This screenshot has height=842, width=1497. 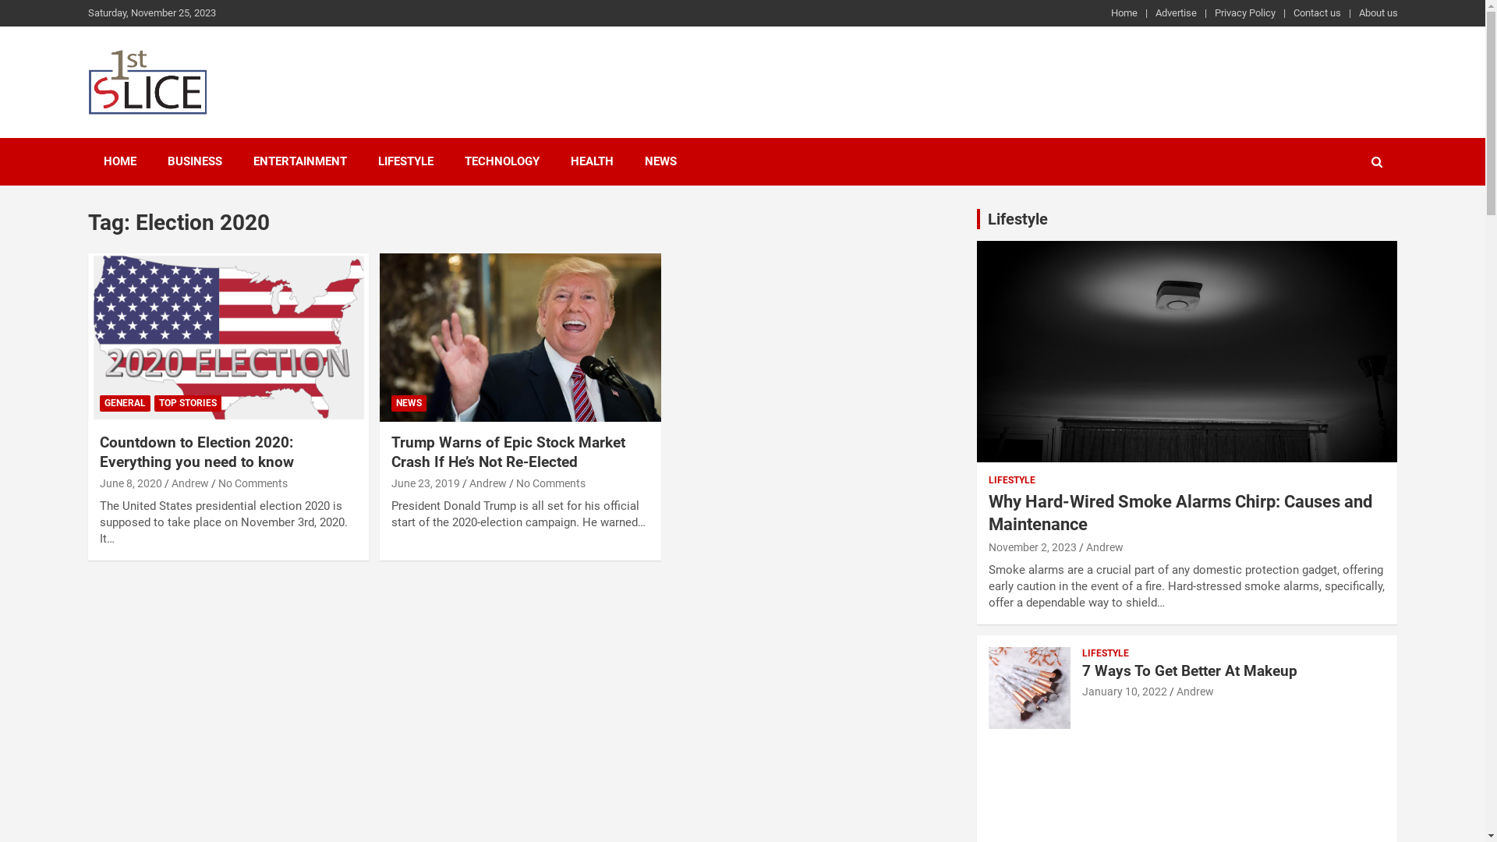 What do you see at coordinates (1103, 547) in the screenshot?
I see `'Andrew'` at bounding box center [1103, 547].